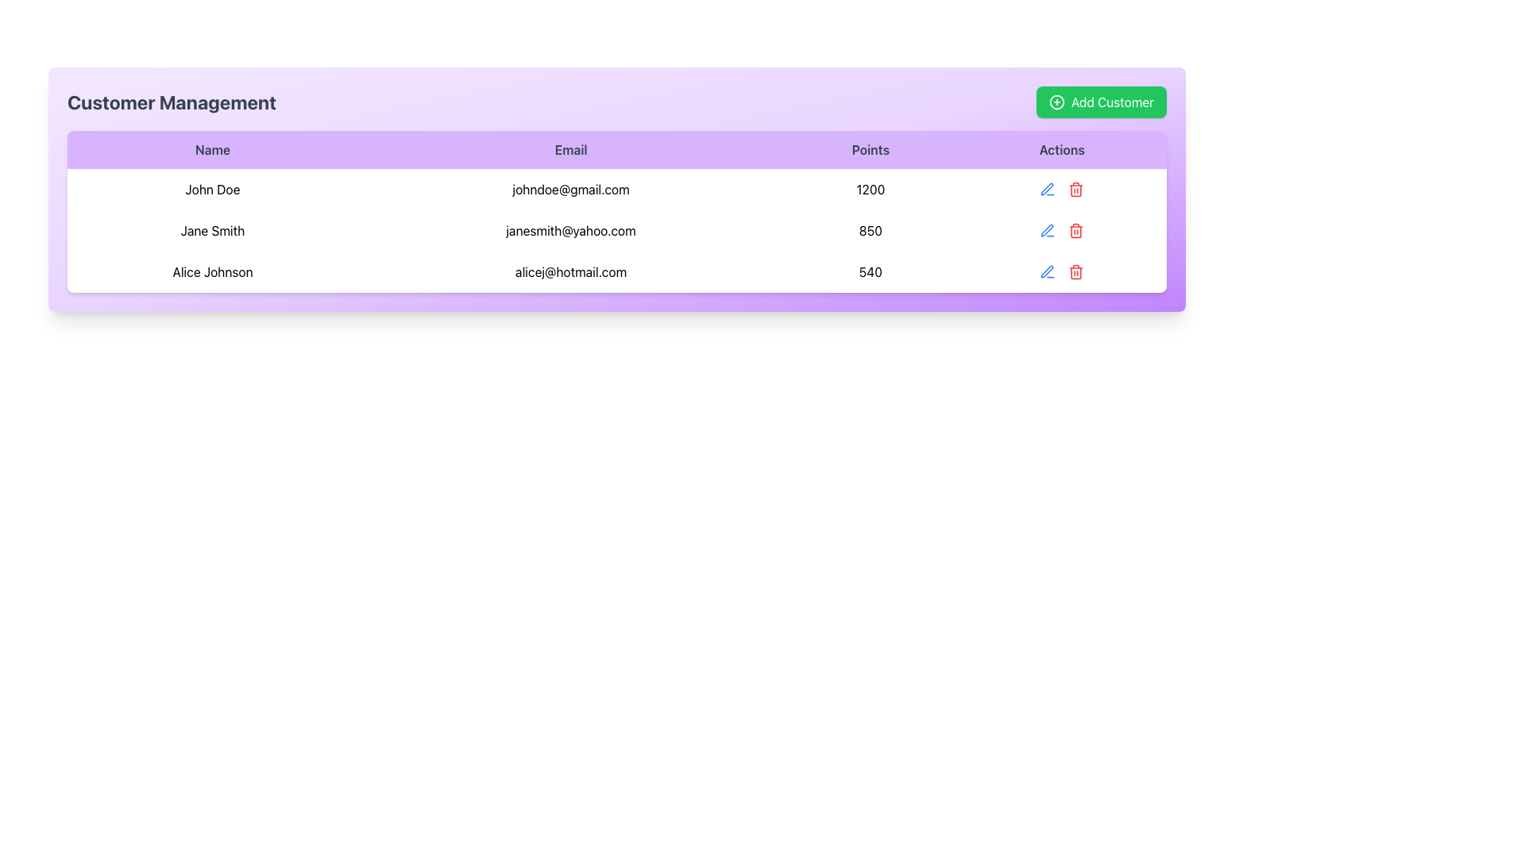 The width and height of the screenshot is (1525, 857). What do you see at coordinates (1048, 271) in the screenshot?
I see `the blue pen icon button located in the 'Actions' column of the last row in the customer data table` at bounding box center [1048, 271].